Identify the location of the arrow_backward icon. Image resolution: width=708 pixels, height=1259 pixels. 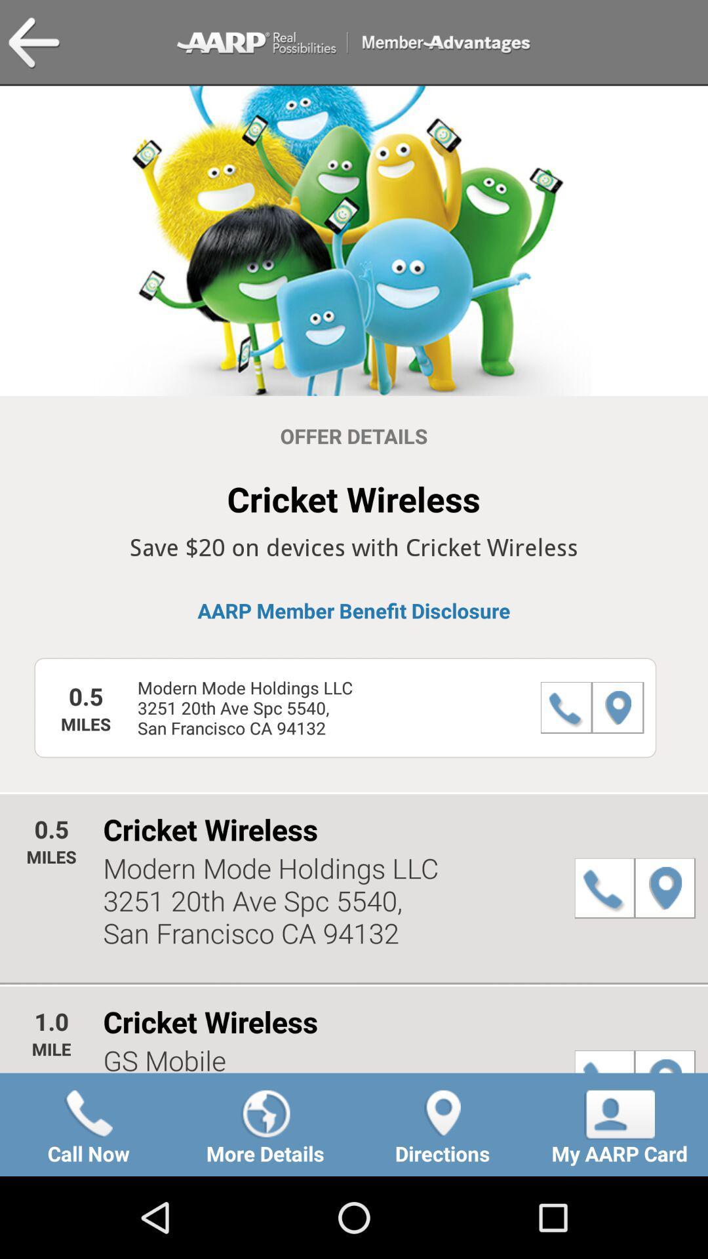
(33, 46).